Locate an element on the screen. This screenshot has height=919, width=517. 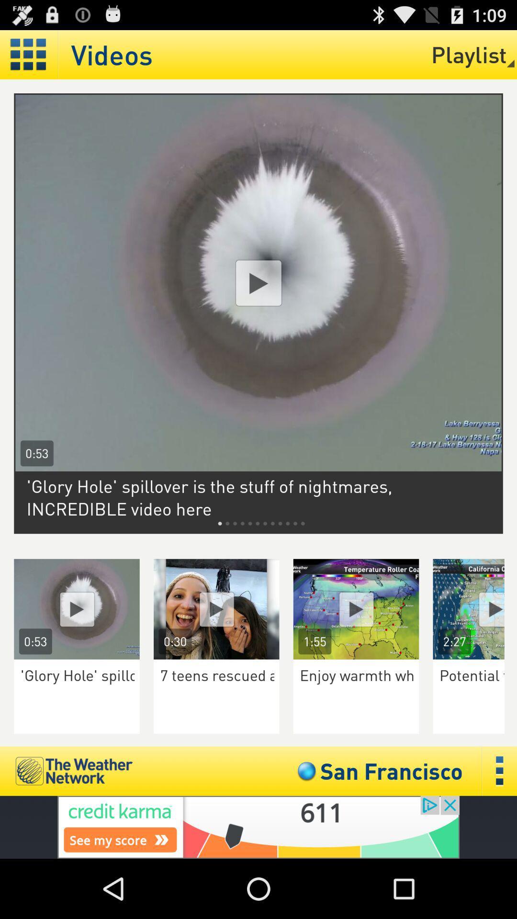
menu button is located at coordinates (499, 771).